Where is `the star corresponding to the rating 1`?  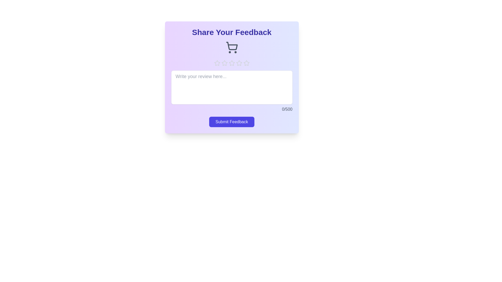 the star corresponding to the rating 1 is located at coordinates (217, 63).